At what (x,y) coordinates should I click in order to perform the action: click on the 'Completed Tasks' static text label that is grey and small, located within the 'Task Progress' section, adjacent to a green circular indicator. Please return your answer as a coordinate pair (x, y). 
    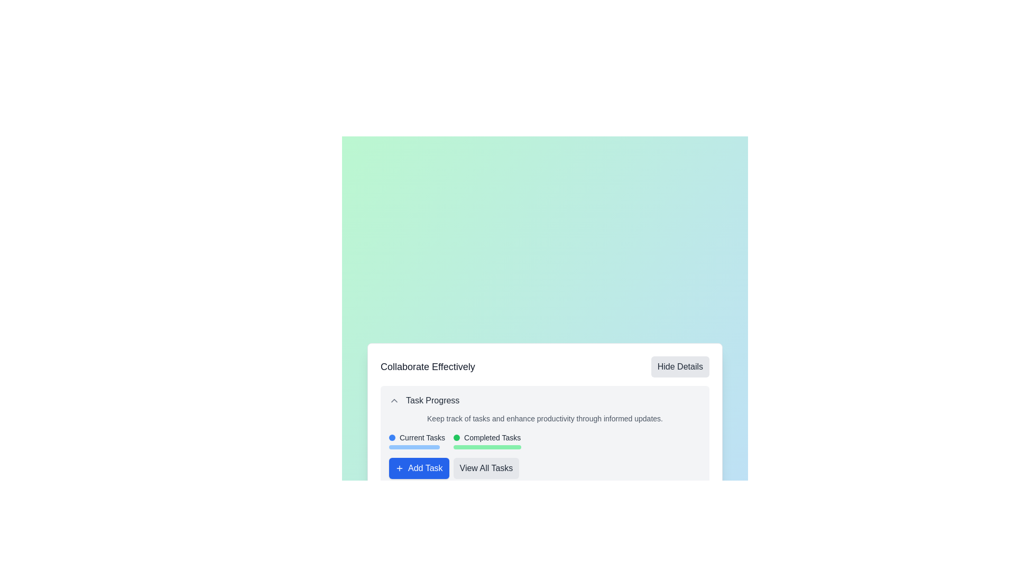
    Looking at the image, I should click on (492, 438).